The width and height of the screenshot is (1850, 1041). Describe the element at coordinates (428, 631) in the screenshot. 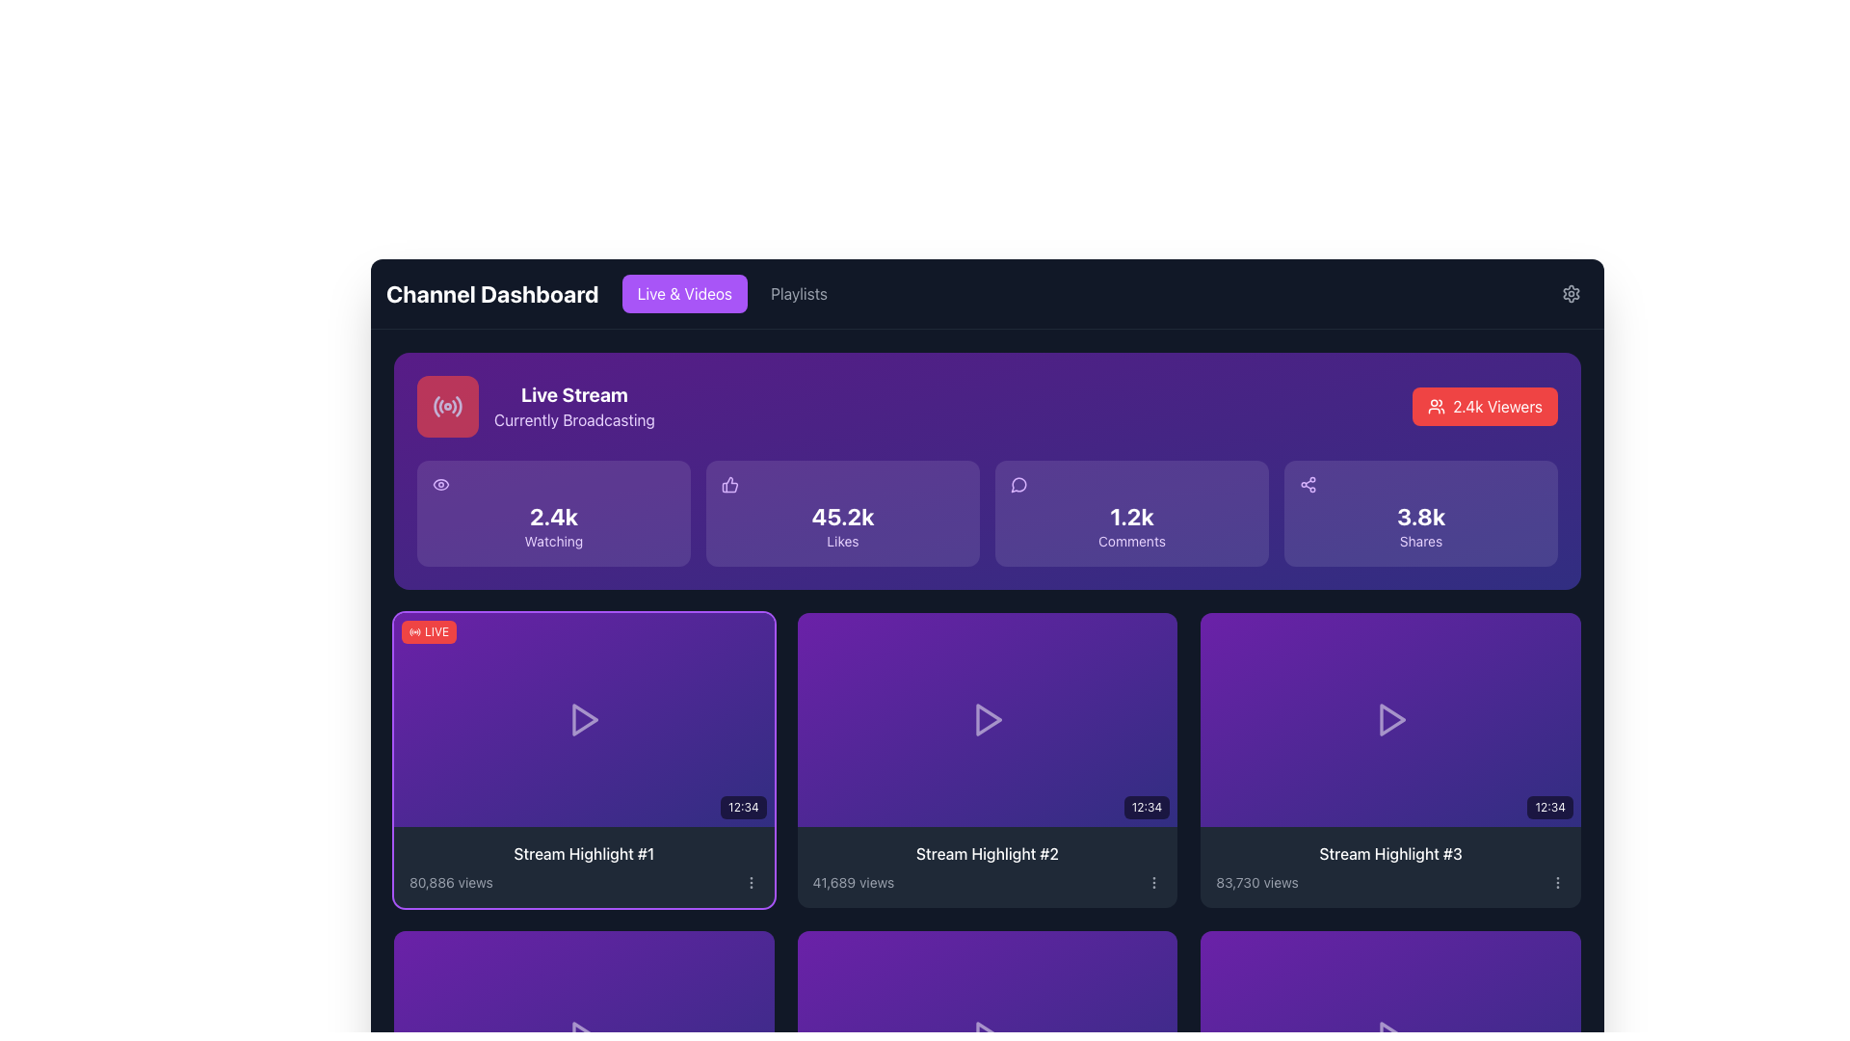

I see `the live broadcast badge located at the top-left of the video thumbnail in the grid of video highlights` at that location.